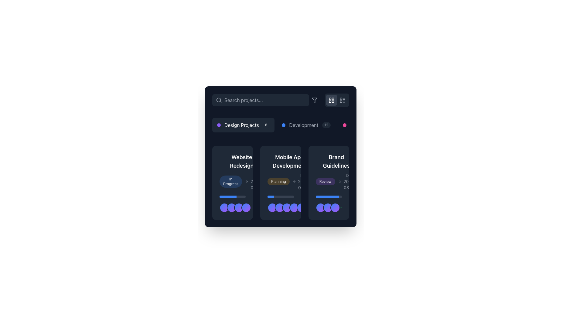  What do you see at coordinates (343, 100) in the screenshot?
I see `the list view icon located in the top-right area of the interface to switch the display to a list layout` at bounding box center [343, 100].